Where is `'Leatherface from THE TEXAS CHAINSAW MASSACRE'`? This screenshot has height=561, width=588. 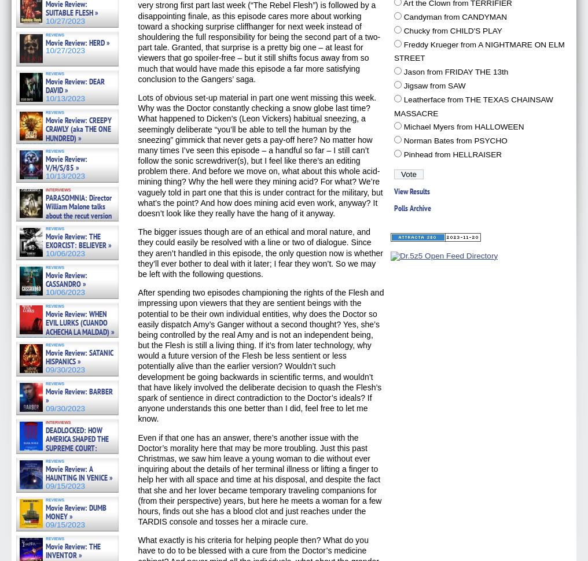 'Leatherface from THE TEXAS CHAINSAW MASSACRE' is located at coordinates (472, 105).